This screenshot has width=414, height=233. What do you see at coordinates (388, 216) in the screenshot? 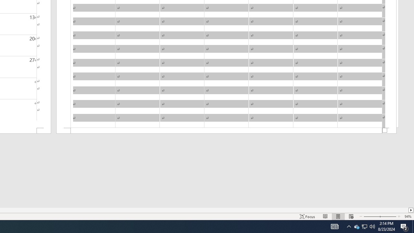
I see `'Zoom In'` at bounding box center [388, 216].